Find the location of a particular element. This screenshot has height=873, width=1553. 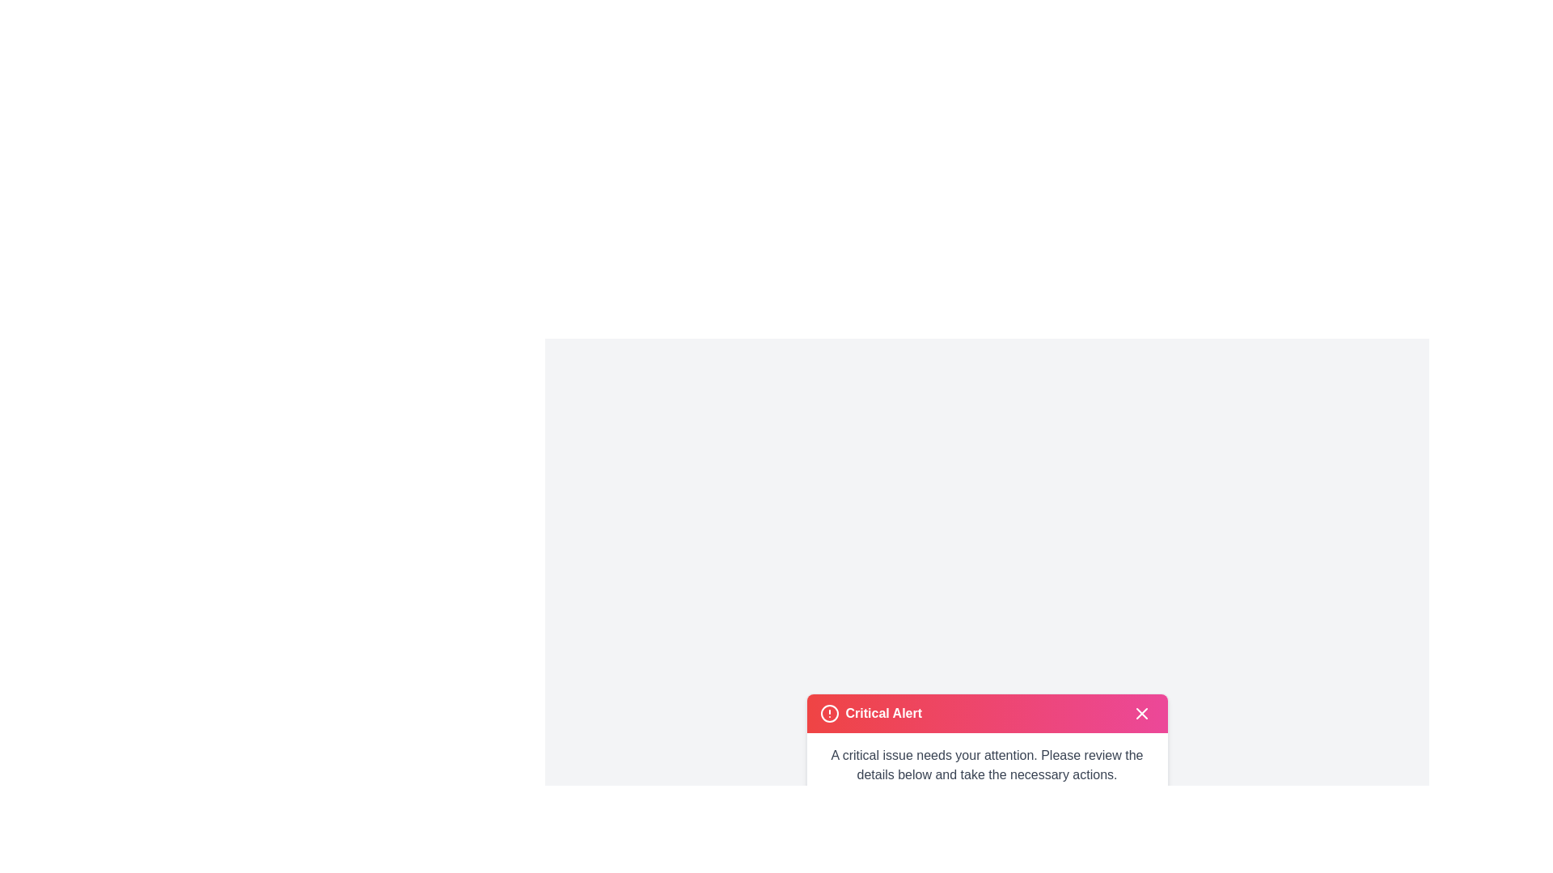

the close button icon located in the top-right corner of the pink alert box with the text 'Critical Alert' on its left is located at coordinates (1140, 712).